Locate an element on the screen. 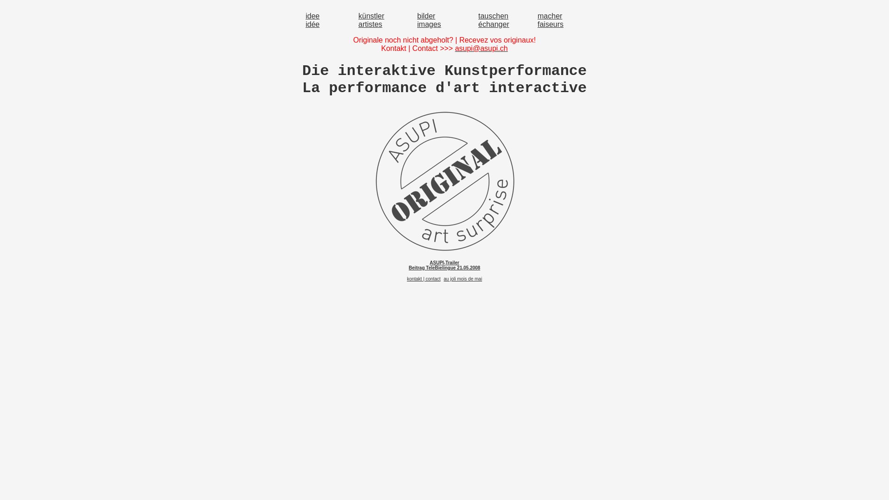 This screenshot has height=500, width=889. 'images' is located at coordinates (428, 24).